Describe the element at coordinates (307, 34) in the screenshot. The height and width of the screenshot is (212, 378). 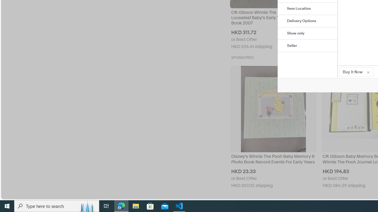
I see `'Show only'` at that location.